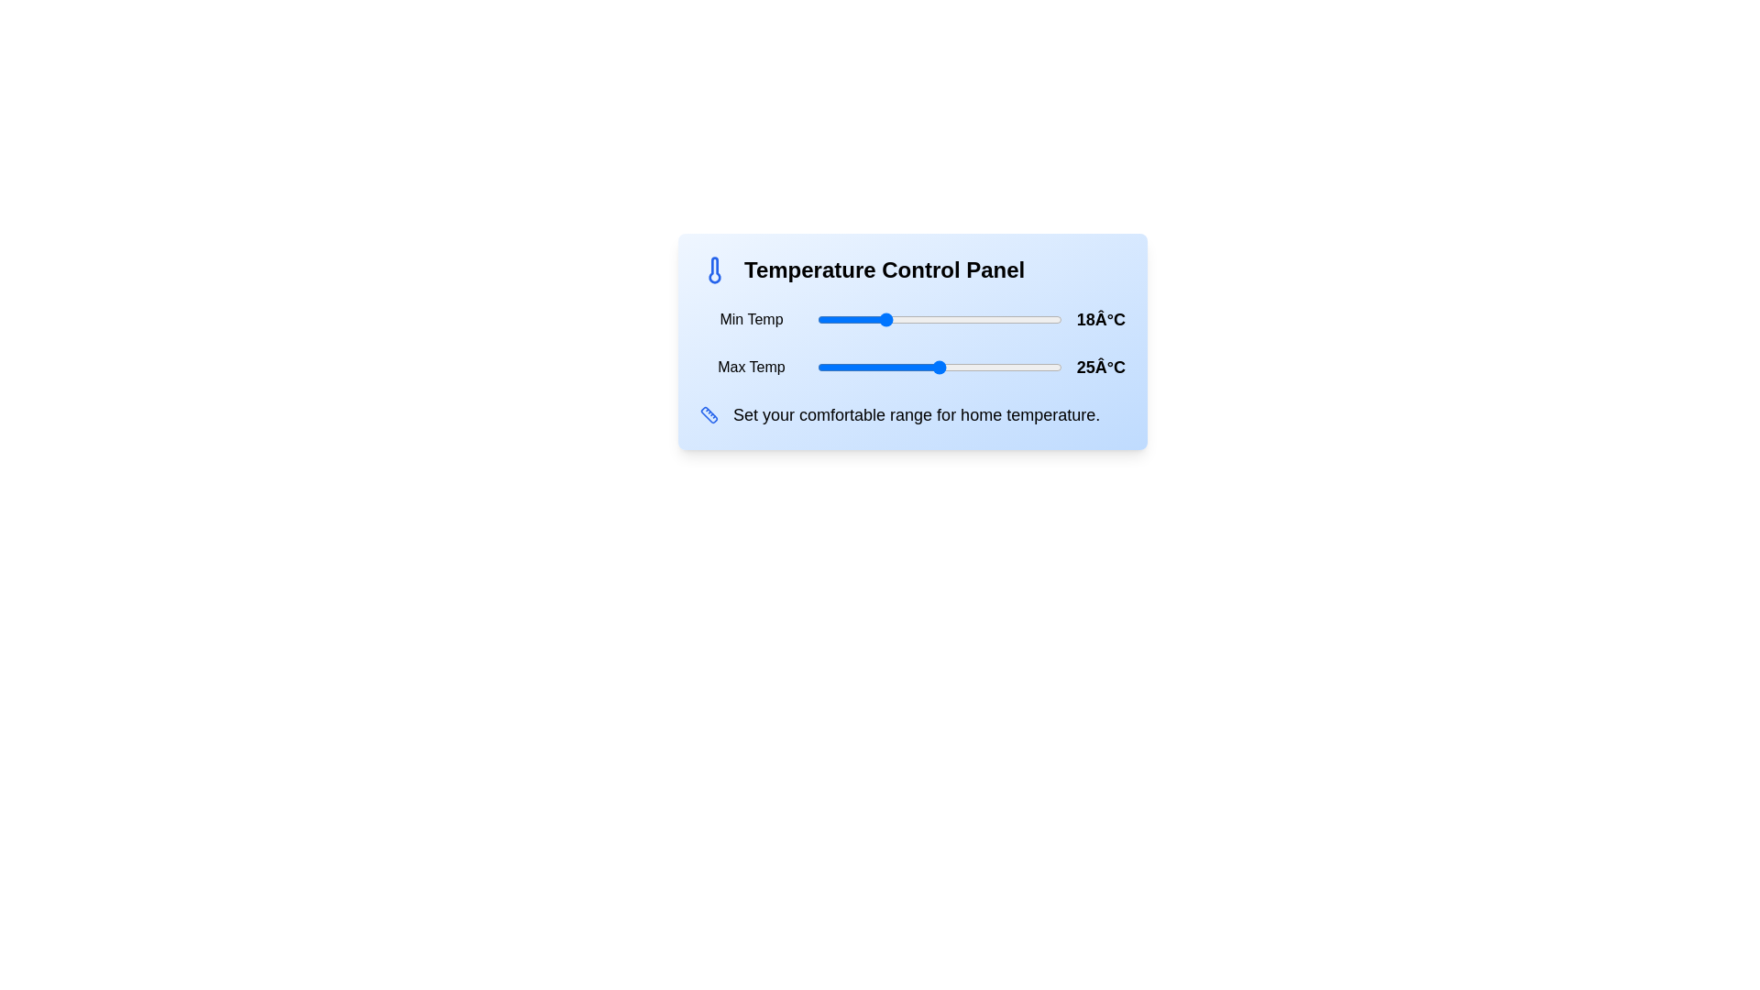 The width and height of the screenshot is (1760, 990). What do you see at coordinates (857, 318) in the screenshot?
I see `the minimum temperature to 15°C using the slider` at bounding box center [857, 318].